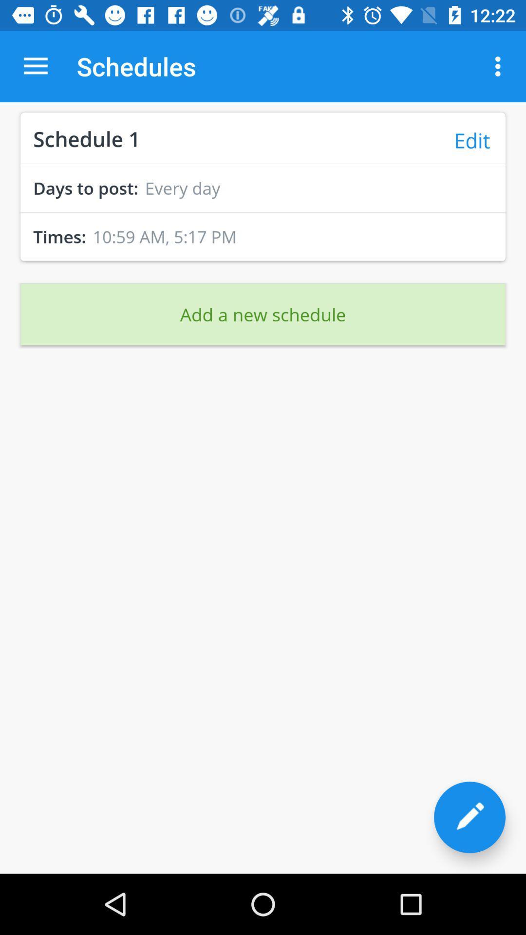 This screenshot has height=935, width=526. Describe the element at coordinates (469, 817) in the screenshot. I see `the edit icon` at that location.